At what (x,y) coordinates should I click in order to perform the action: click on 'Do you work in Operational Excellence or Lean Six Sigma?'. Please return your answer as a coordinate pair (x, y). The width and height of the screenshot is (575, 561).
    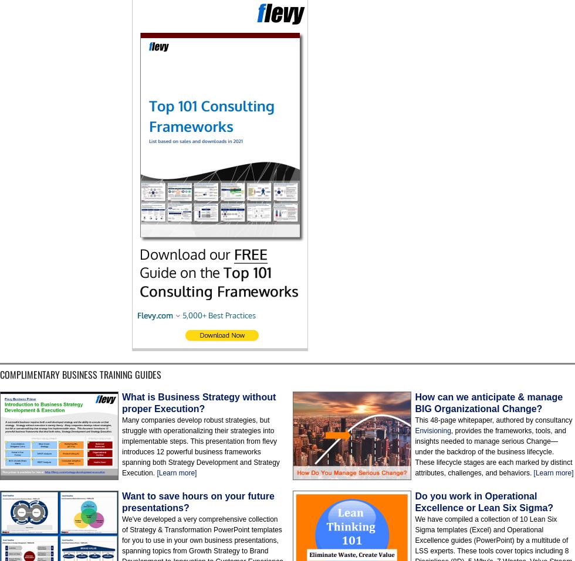
    Looking at the image, I should click on (483, 501).